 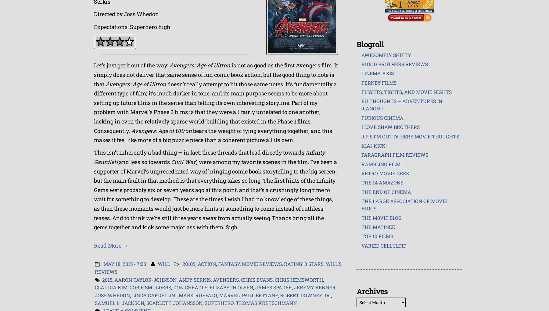 I want to click on 'Elizabeth Olsen', so click(x=231, y=287).